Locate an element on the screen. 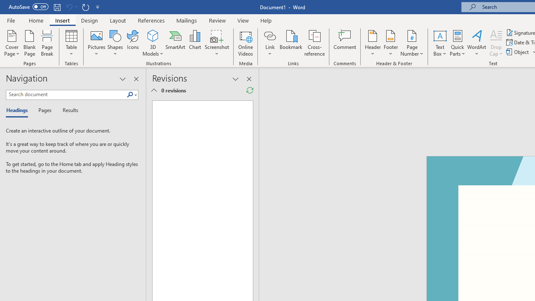 This screenshot has height=301, width=535. 'Page Break' is located at coordinates (47, 43).